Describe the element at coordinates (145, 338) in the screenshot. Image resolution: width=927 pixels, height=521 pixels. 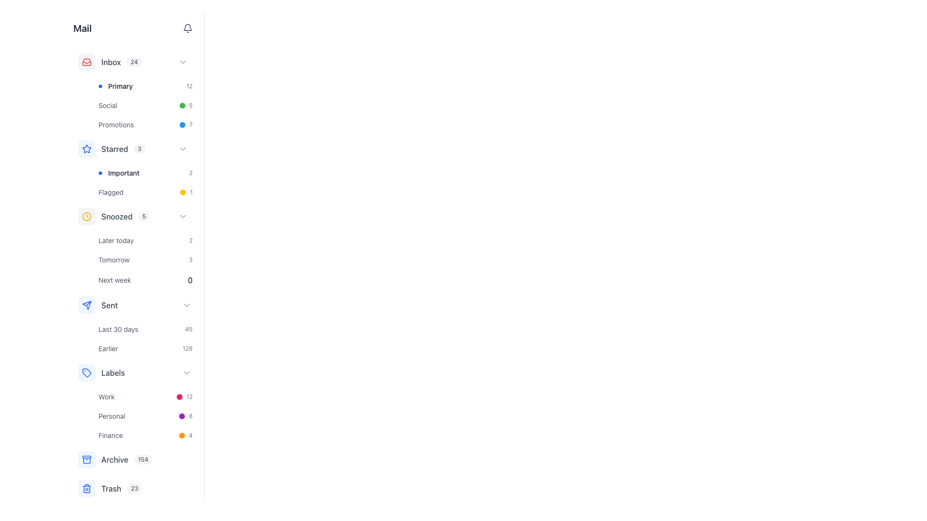
I see `the 'Last 30 days' status indicator in the sidebar menu under the 'Sent' section` at that location.